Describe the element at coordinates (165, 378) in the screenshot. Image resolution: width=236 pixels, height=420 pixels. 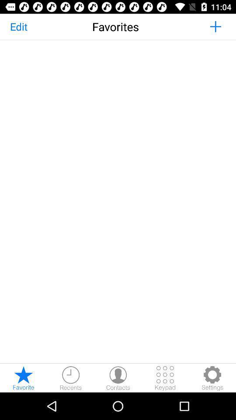
I see `open the keypad` at that location.